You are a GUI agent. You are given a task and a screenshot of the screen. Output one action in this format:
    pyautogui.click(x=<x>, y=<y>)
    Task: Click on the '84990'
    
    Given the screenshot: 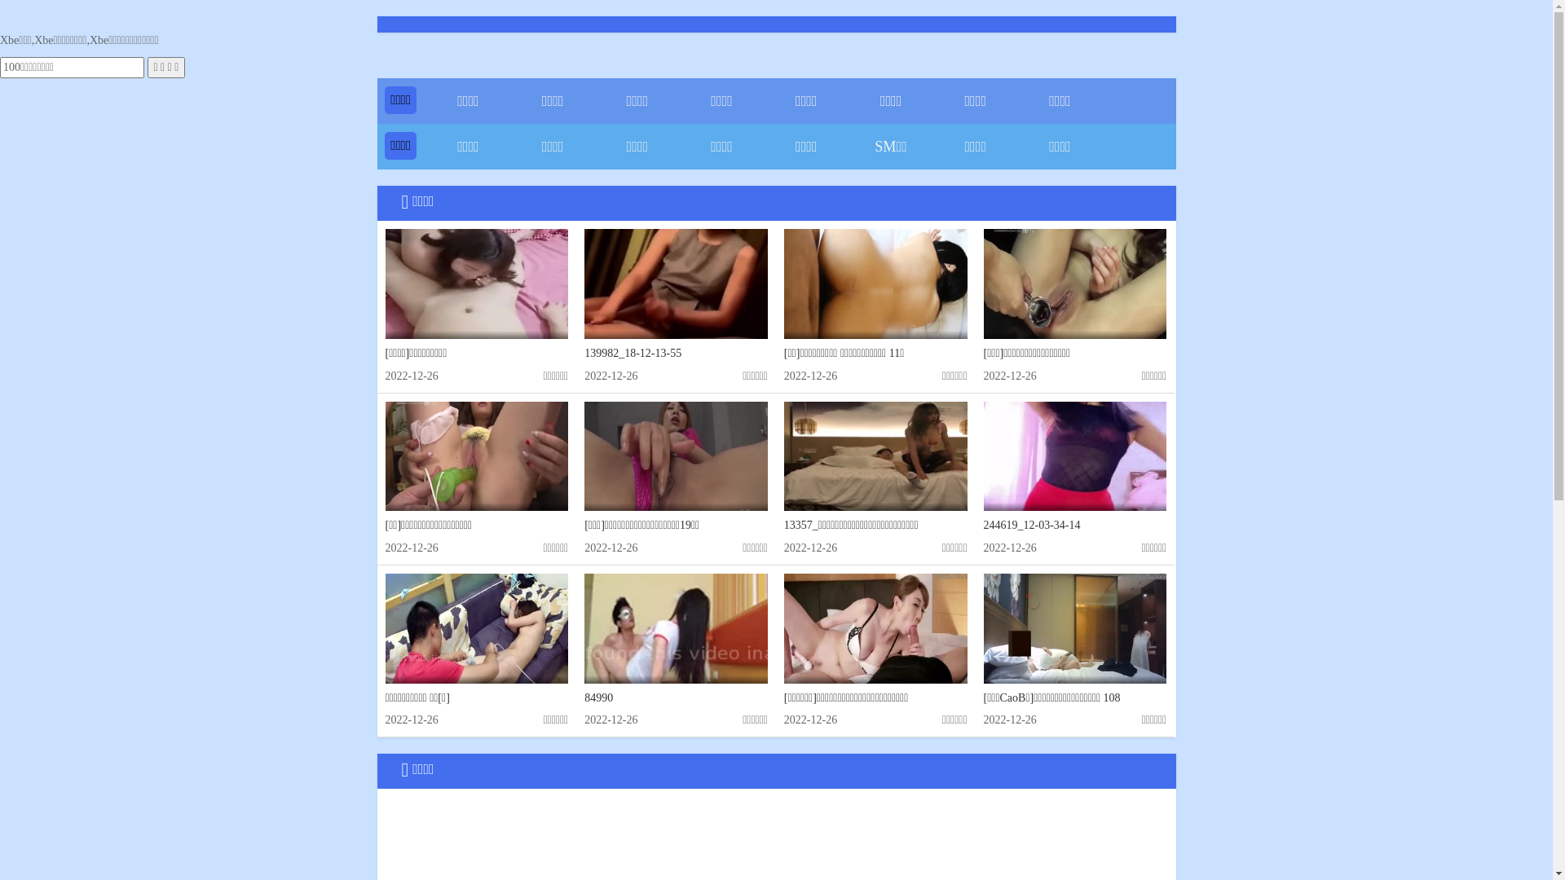 What is the action you would take?
    pyautogui.click(x=597, y=697)
    